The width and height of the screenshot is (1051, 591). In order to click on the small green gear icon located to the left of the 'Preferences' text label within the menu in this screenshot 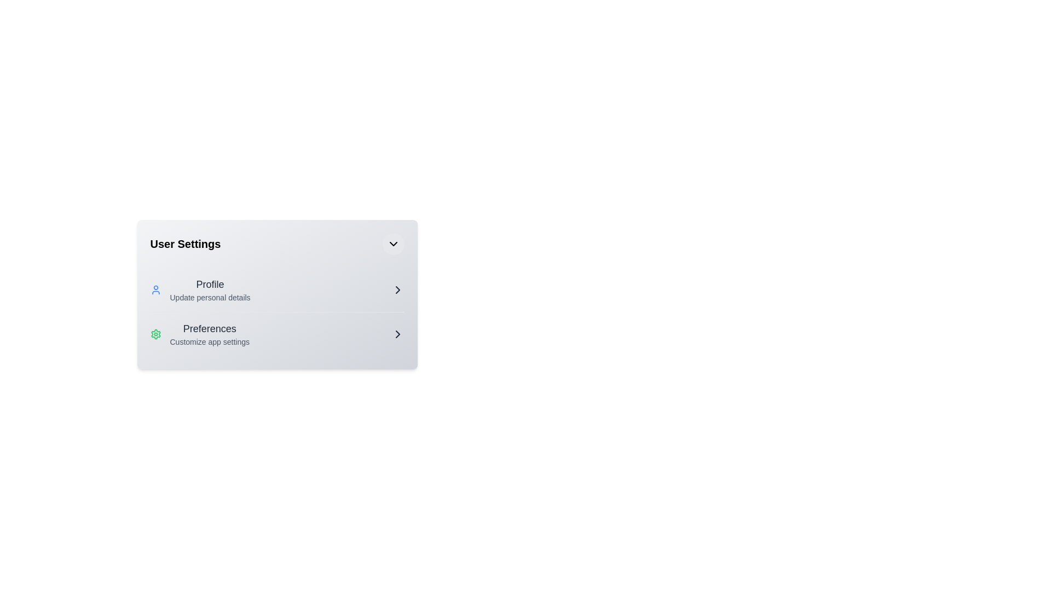, I will do `click(155, 333)`.